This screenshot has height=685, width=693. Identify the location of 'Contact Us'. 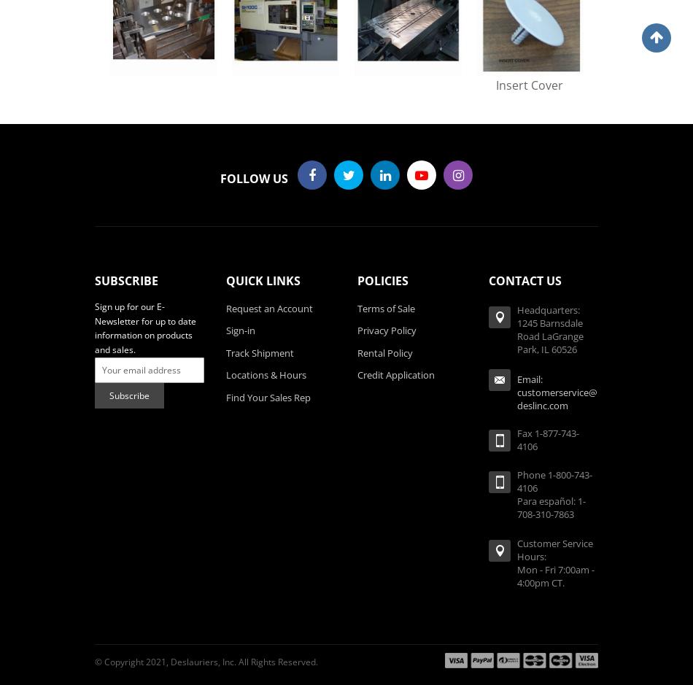
(489, 280).